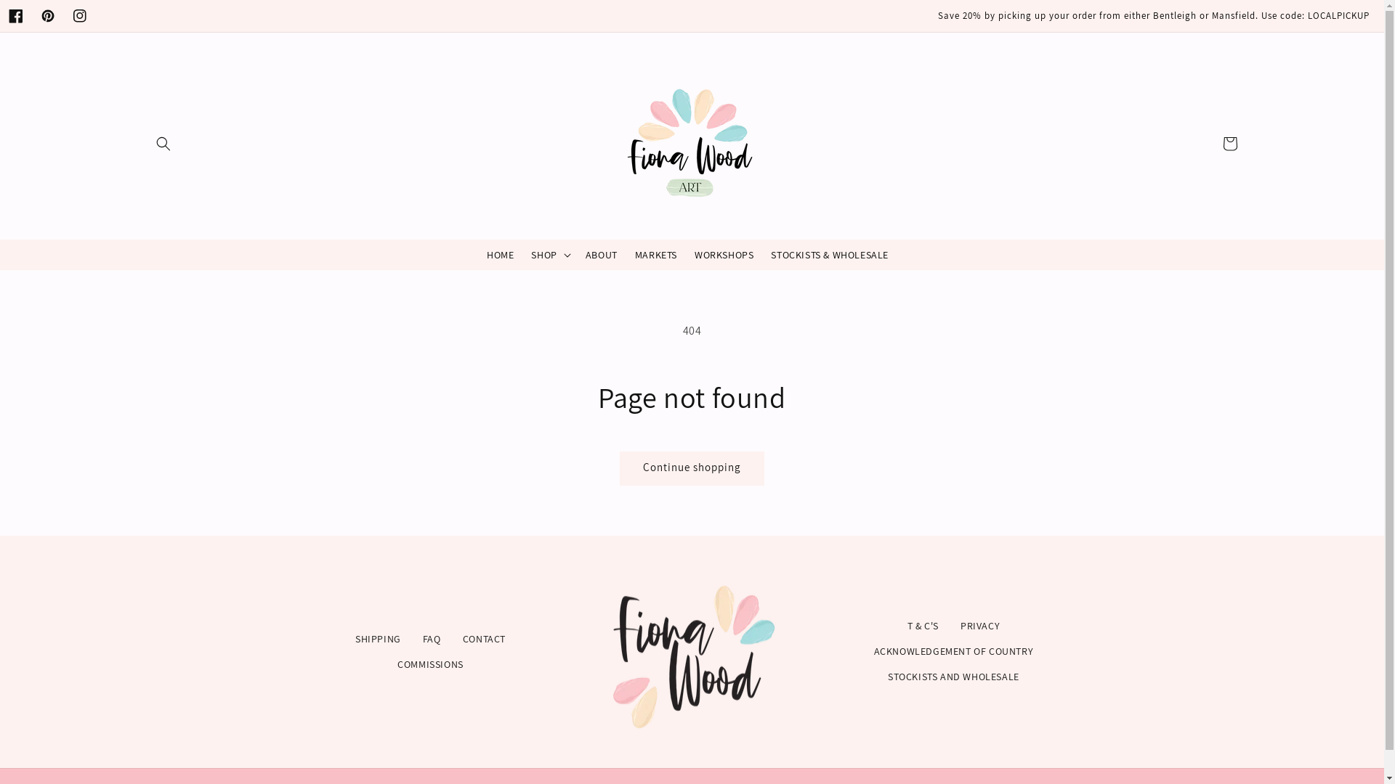  What do you see at coordinates (979, 625) in the screenshot?
I see `'PRIVACY'` at bounding box center [979, 625].